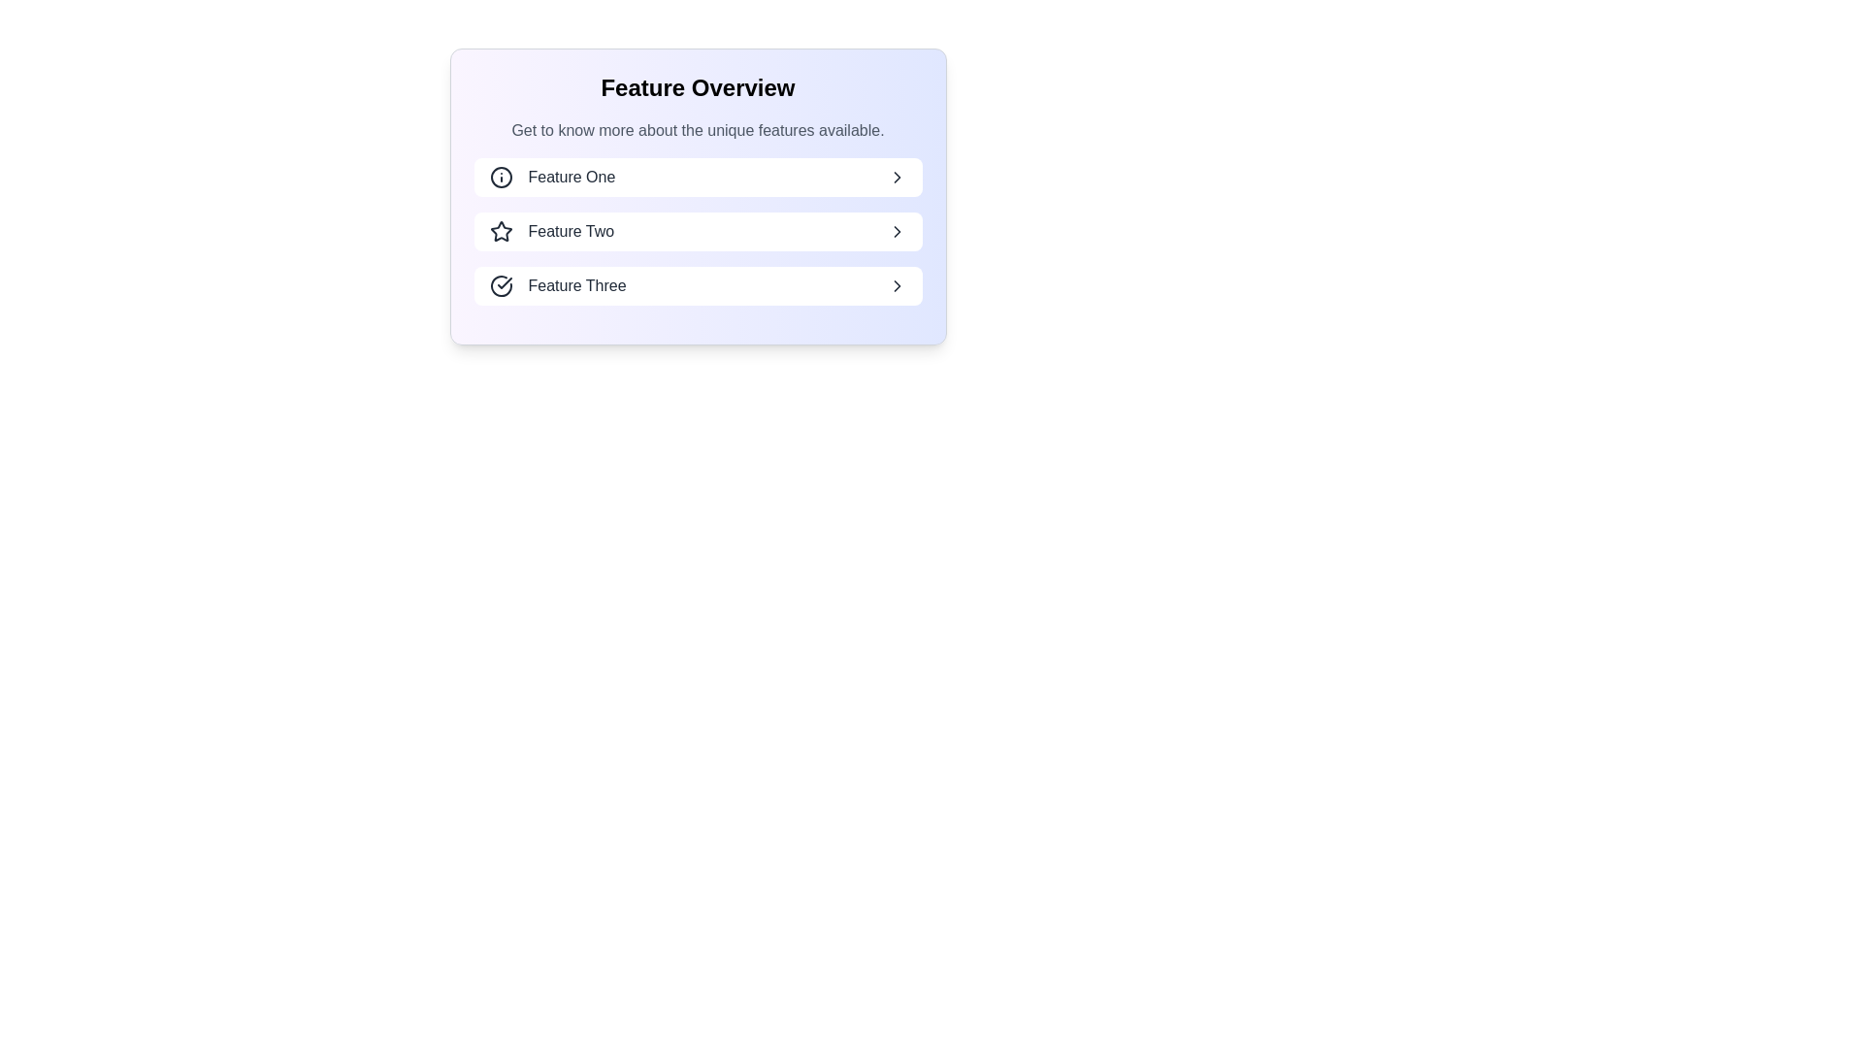 Image resolution: width=1863 pixels, height=1048 pixels. Describe the element at coordinates (501, 231) in the screenshot. I see `the star icon in the second entry of the 'Feature Overview' list, which is located to the left of the text 'Feature Two'` at that location.